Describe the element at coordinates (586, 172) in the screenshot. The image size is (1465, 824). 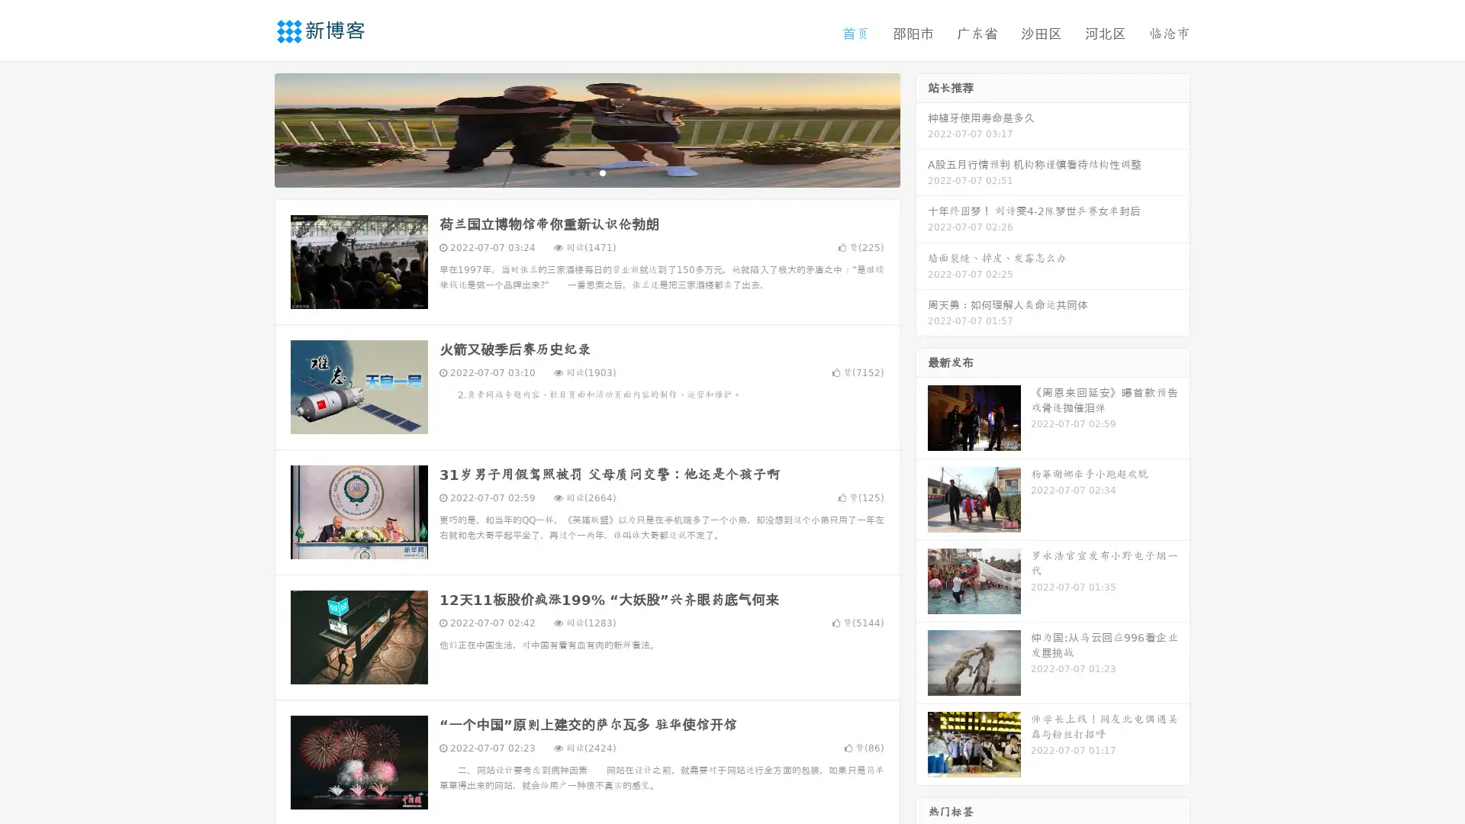
I see `Go to slide 2` at that location.